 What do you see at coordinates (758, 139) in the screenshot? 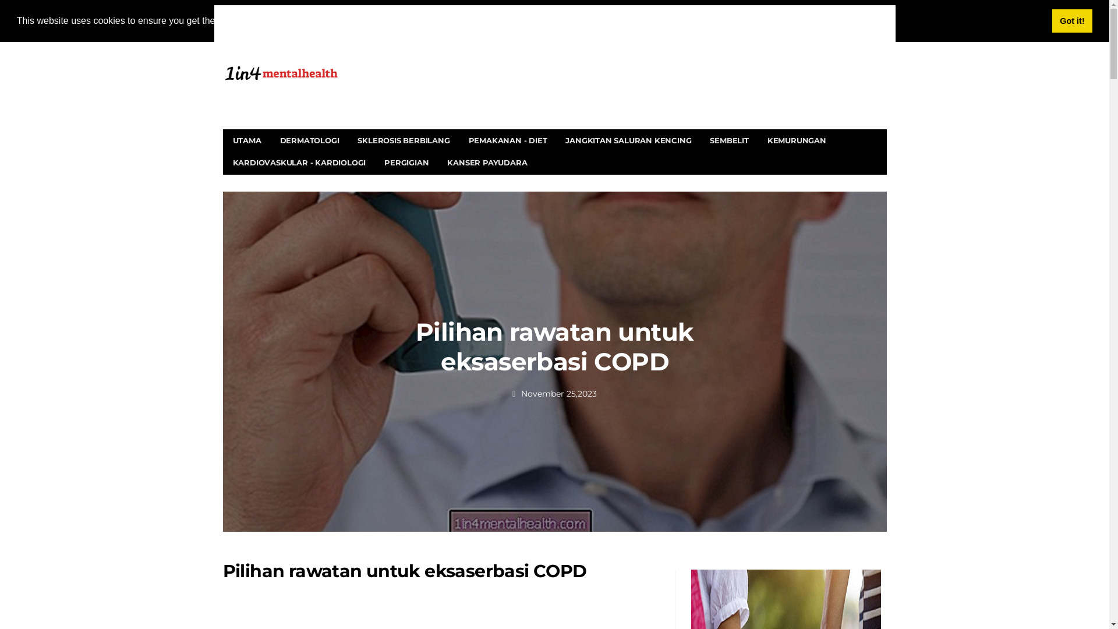
I see `'KEMURUNGAN'` at bounding box center [758, 139].